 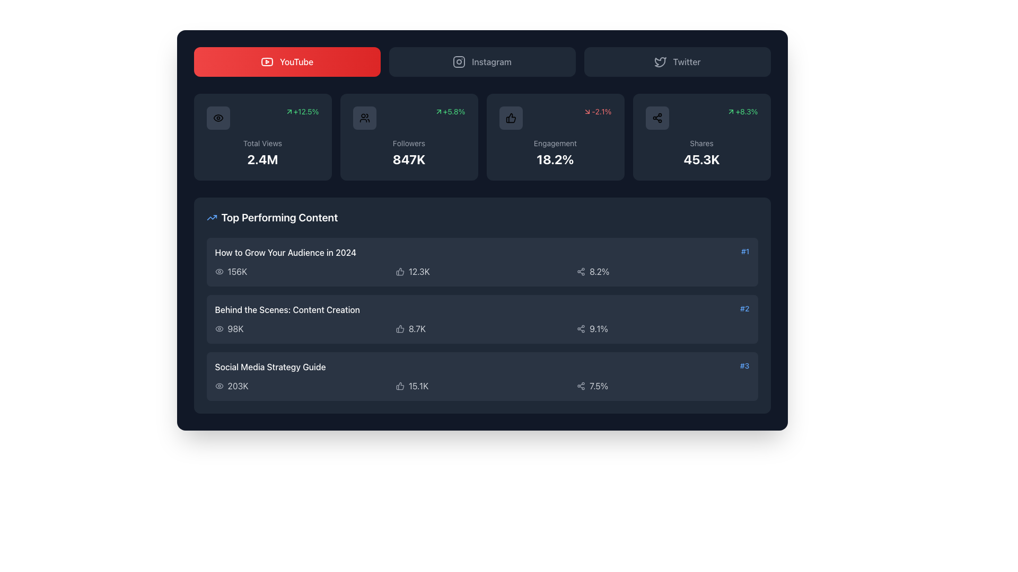 What do you see at coordinates (701, 136) in the screenshot?
I see `the statistics Card displaying total shares ('45.3K') and percentage increase ('+8.3%') located in the top-right corner of the grid layout` at bounding box center [701, 136].